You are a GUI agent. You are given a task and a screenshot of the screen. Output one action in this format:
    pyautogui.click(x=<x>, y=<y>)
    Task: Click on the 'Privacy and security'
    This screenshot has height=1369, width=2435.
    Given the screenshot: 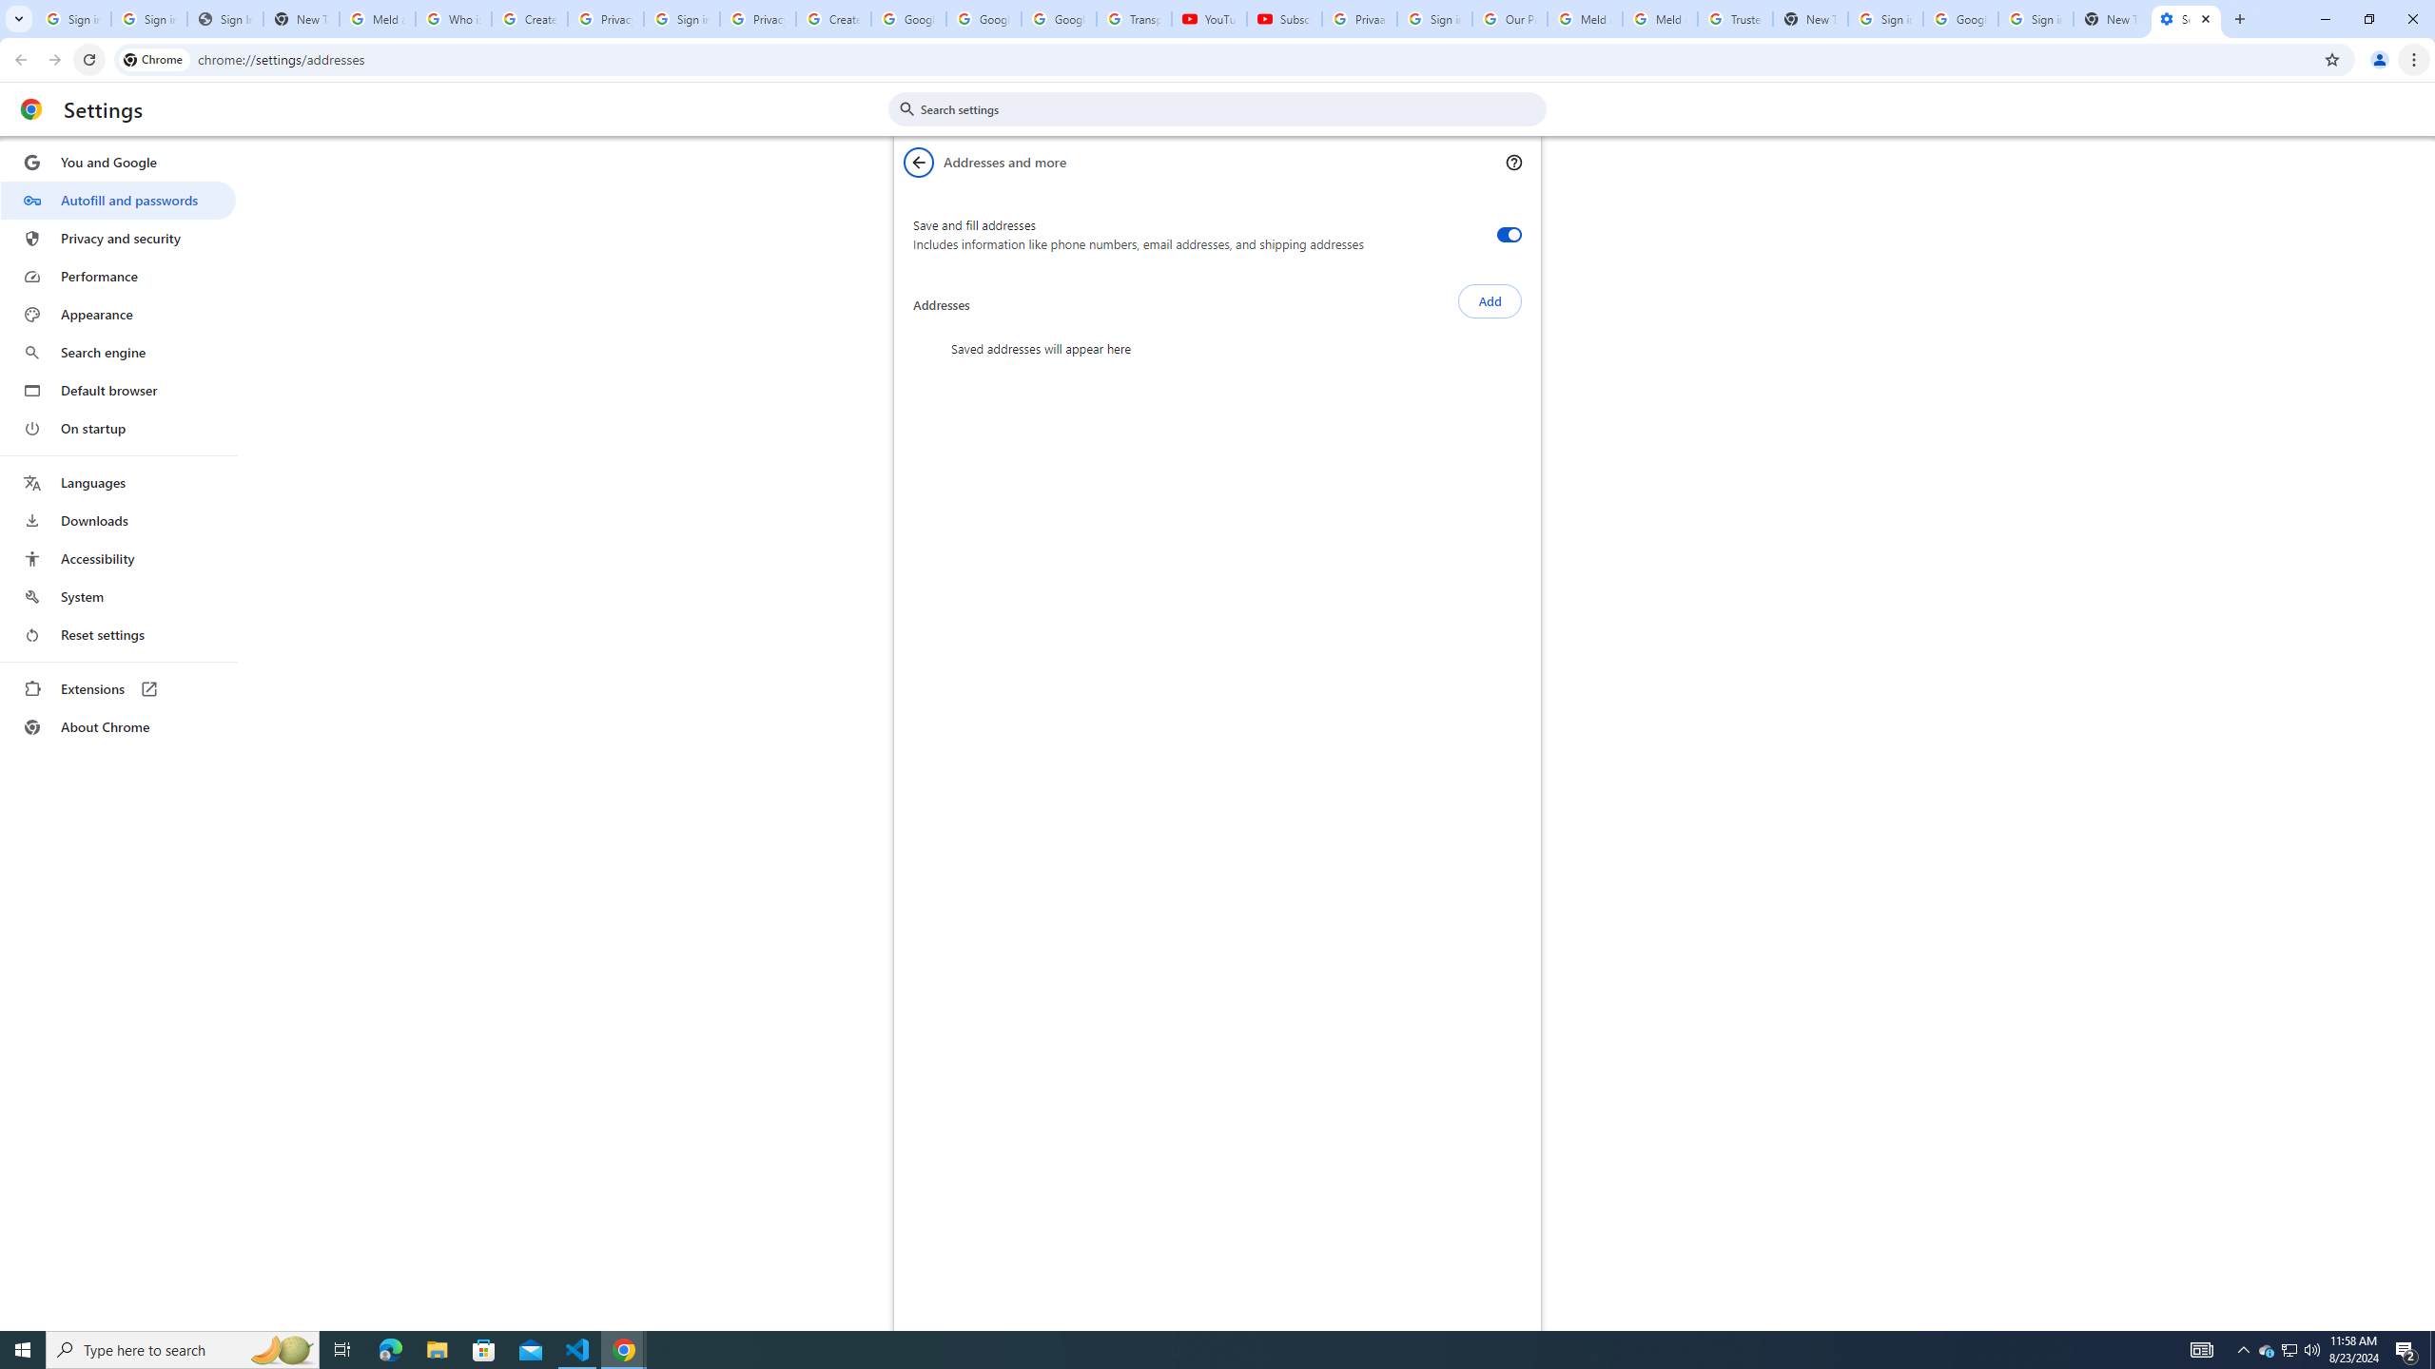 What is the action you would take?
    pyautogui.click(x=117, y=237)
    